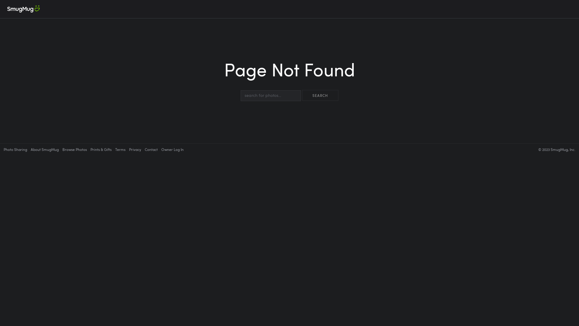 This screenshot has height=326, width=579. What do you see at coordinates (0, 9) in the screenshot?
I see `'SmugMug'` at bounding box center [0, 9].